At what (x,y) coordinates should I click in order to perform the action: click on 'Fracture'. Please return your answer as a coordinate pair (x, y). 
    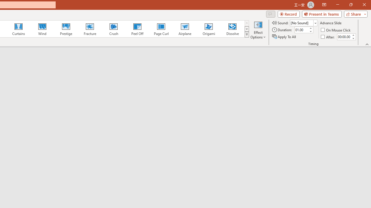
    Looking at the image, I should click on (89, 29).